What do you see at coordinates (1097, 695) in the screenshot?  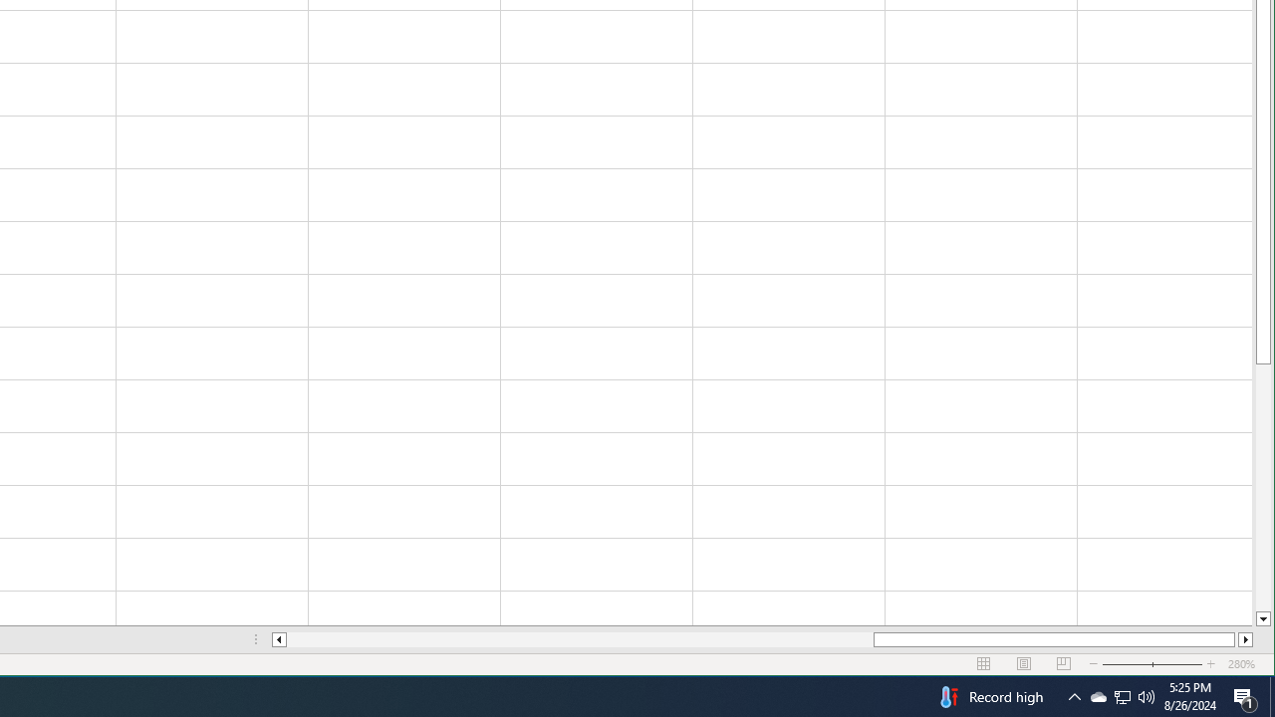 I see `'Q2790: 100%'` at bounding box center [1097, 695].